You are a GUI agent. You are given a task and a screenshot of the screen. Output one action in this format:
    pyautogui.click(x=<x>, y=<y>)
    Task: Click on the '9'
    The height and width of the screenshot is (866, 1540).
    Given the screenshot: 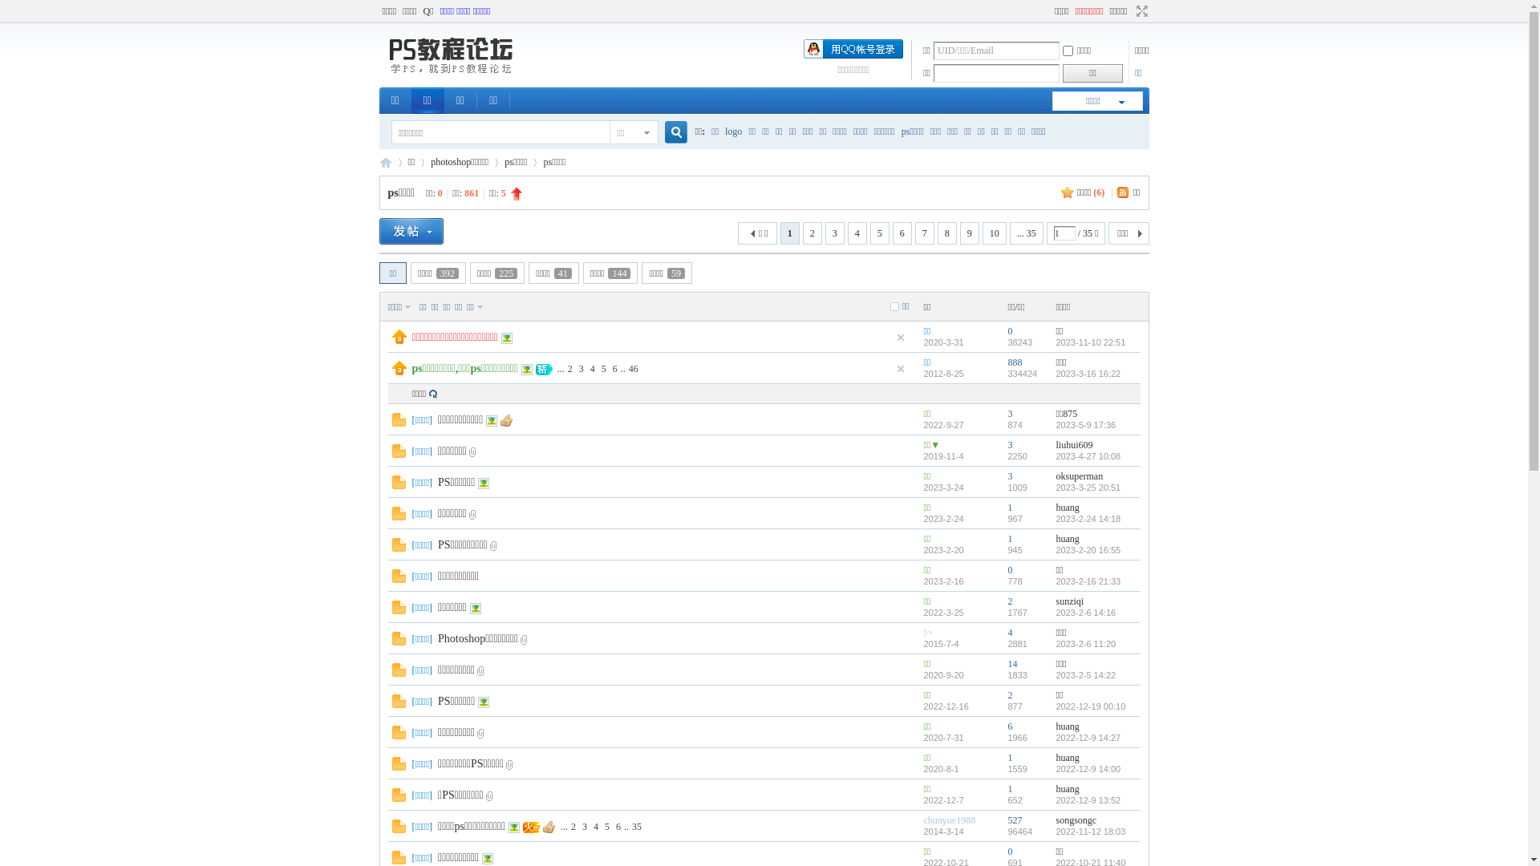 What is the action you would take?
    pyautogui.click(x=969, y=233)
    